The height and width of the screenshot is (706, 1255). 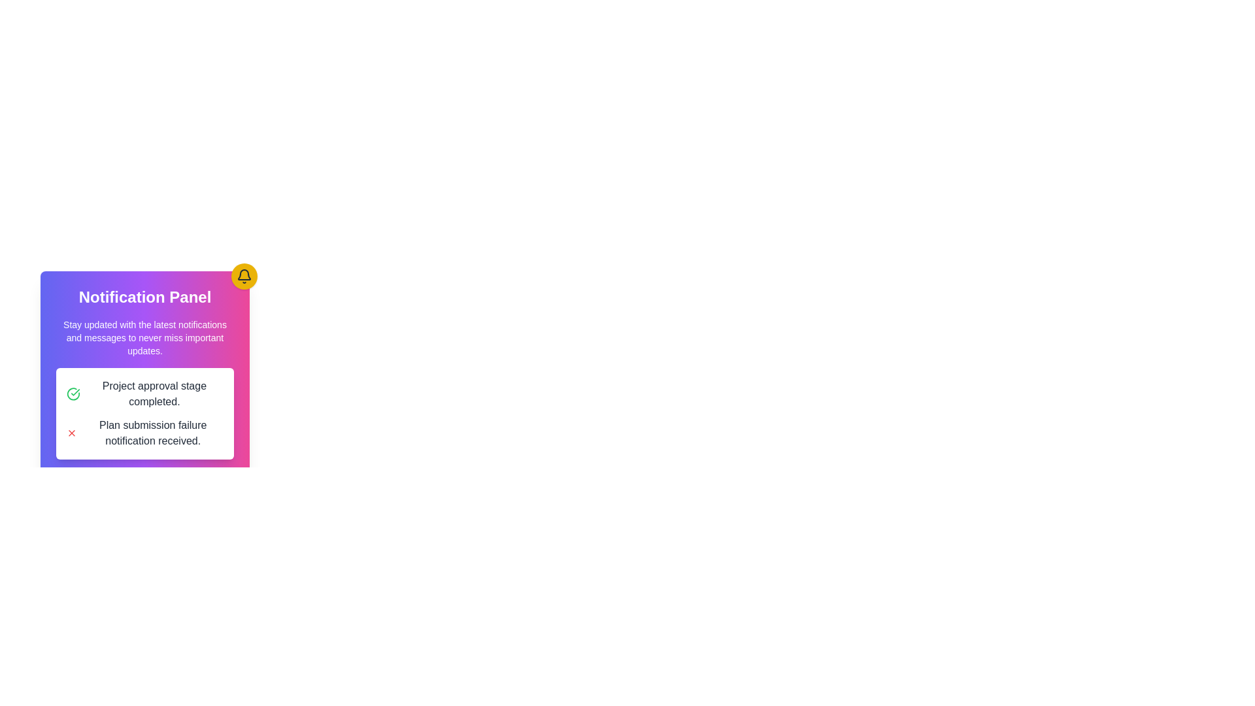 What do you see at coordinates (144, 433) in the screenshot?
I see `displayed notification message about the failure during the plan submission process located in the white card section below the 'Project approval stage completed' message` at bounding box center [144, 433].